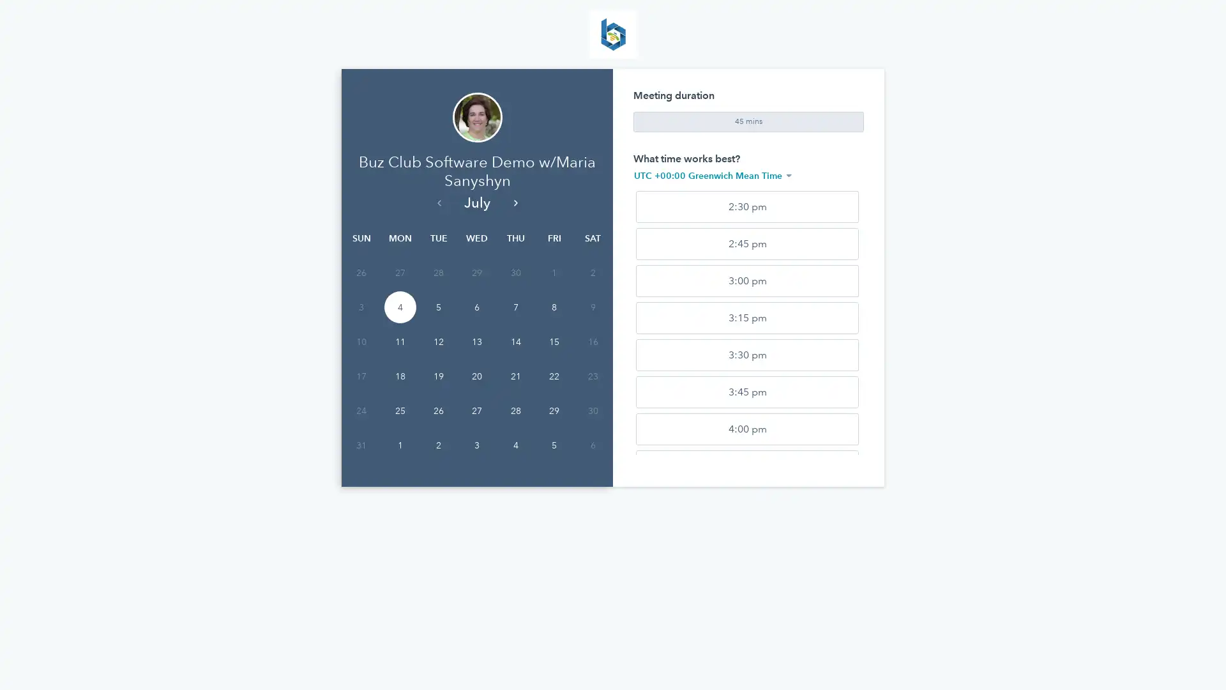 The height and width of the screenshot is (690, 1226). What do you see at coordinates (515, 272) in the screenshot?
I see `June 30th` at bounding box center [515, 272].